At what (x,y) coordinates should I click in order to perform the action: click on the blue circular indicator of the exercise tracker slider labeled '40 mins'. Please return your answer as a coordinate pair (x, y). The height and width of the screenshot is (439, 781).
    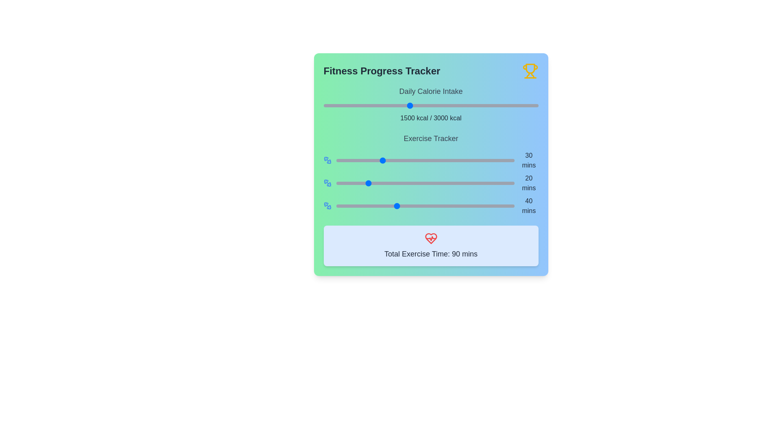
    Looking at the image, I should click on (430, 205).